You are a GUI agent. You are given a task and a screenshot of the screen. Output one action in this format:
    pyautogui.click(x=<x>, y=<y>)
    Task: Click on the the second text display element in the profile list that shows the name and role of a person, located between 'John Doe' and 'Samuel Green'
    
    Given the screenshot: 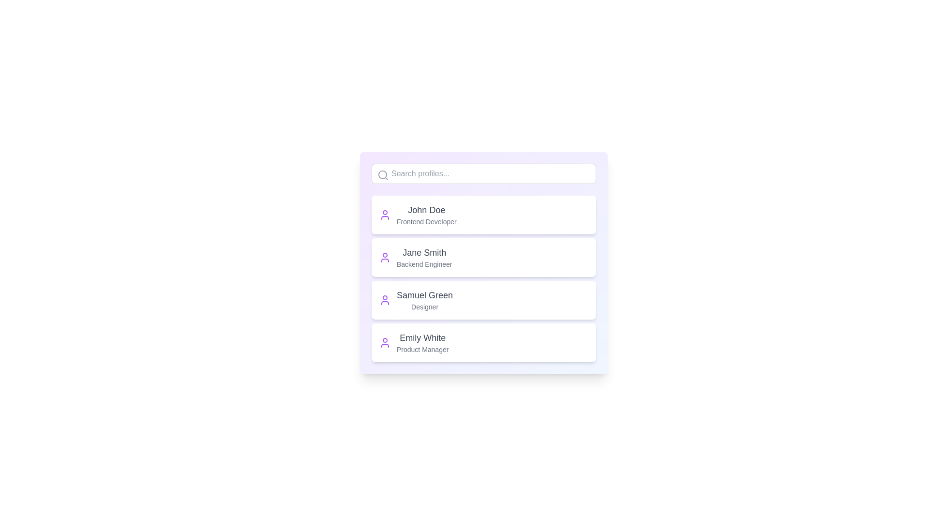 What is the action you would take?
    pyautogui.click(x=424, y=257)
    